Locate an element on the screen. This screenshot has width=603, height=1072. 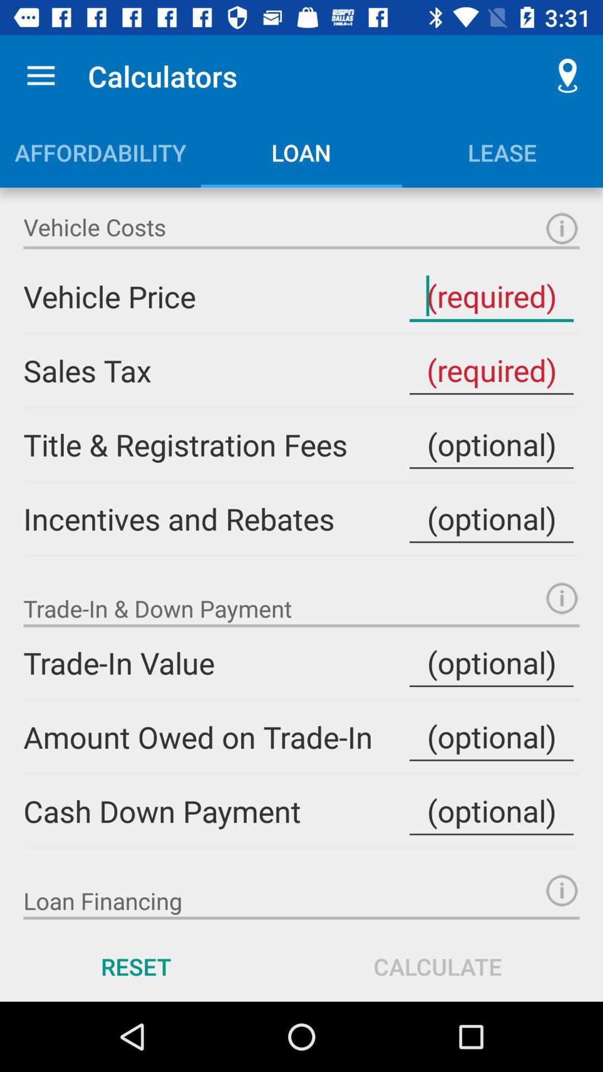
incentives is located at coordinates (491, 518).